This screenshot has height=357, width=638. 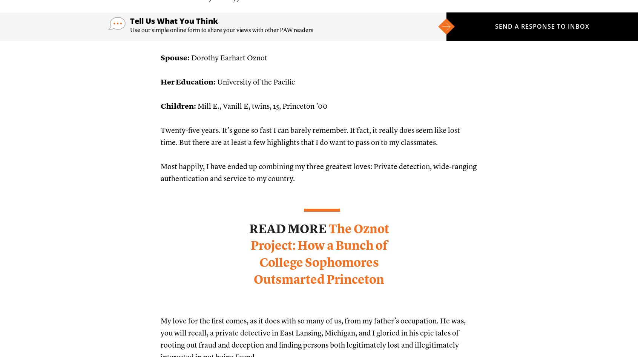 I want to click on 'Spouse:', so click(x=175, y=58).